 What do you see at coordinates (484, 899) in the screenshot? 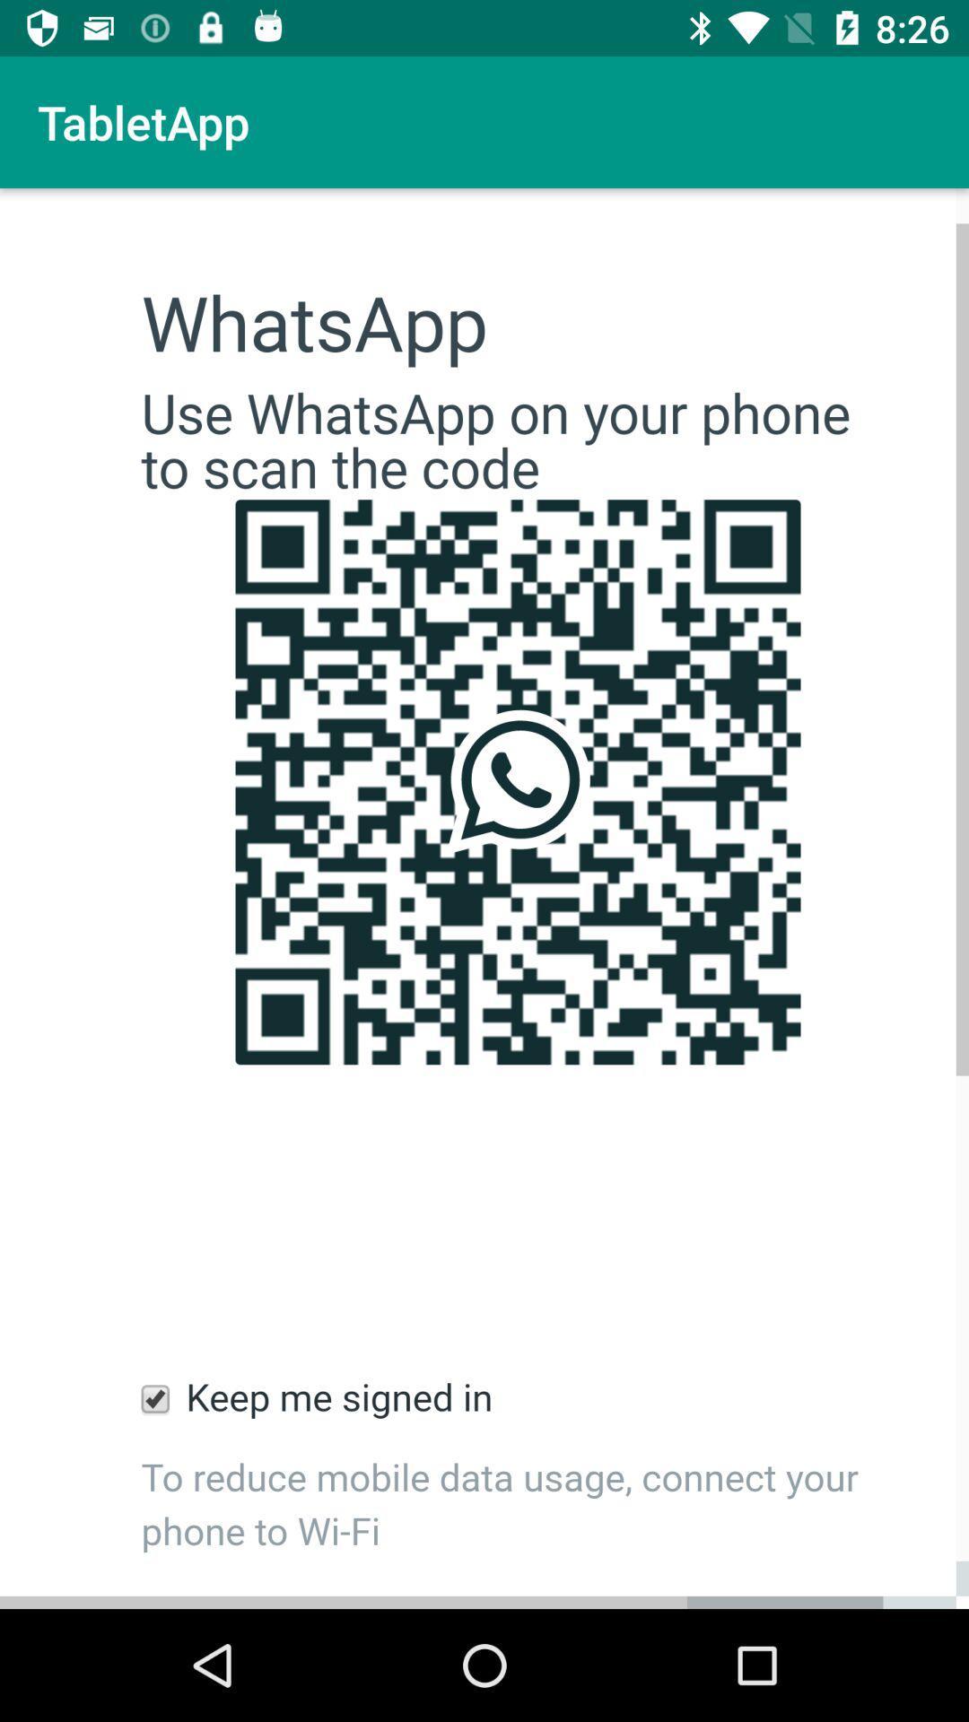
I see `option to scan code in mobile` at bounding box center [484, 899].